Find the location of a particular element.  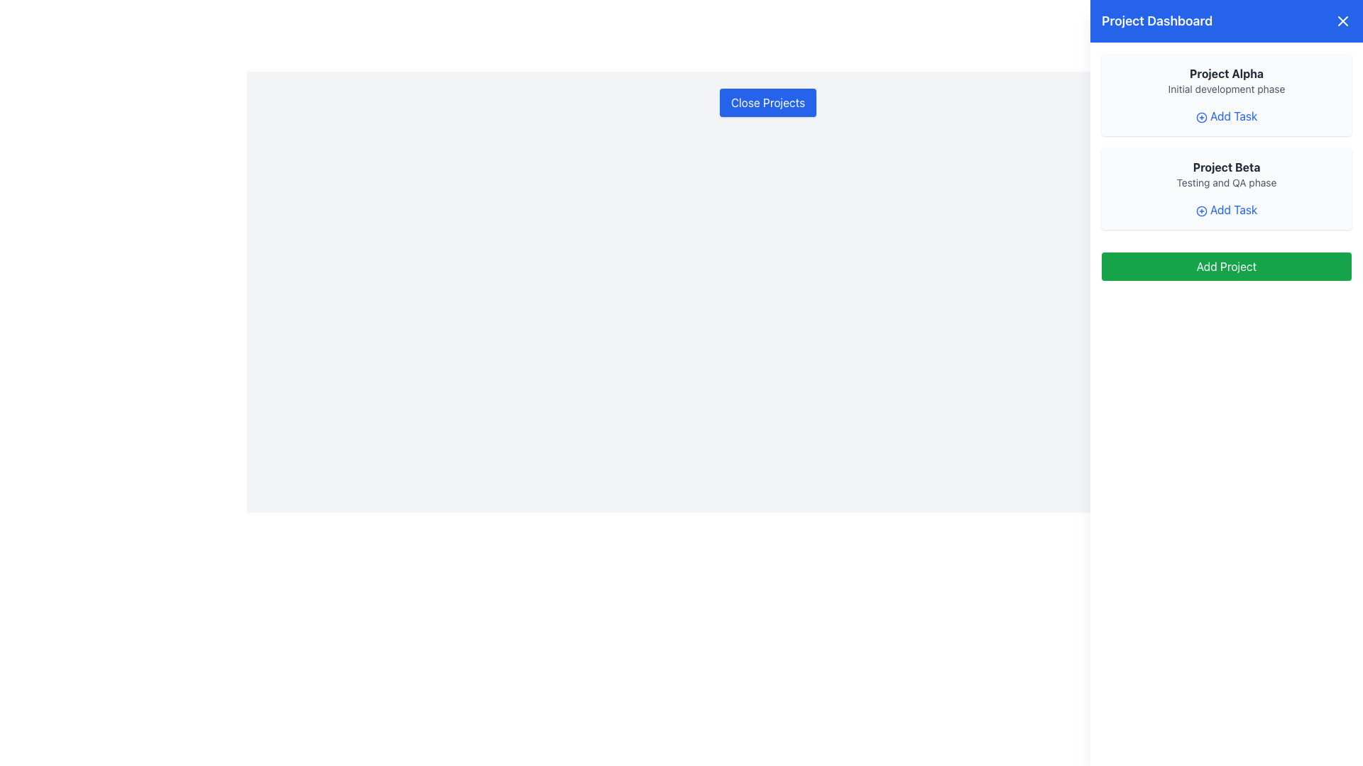

the 'plus' icon in the 'Add Task' area for the 'Project Alpha' section is located at coordinates (1200, 116).